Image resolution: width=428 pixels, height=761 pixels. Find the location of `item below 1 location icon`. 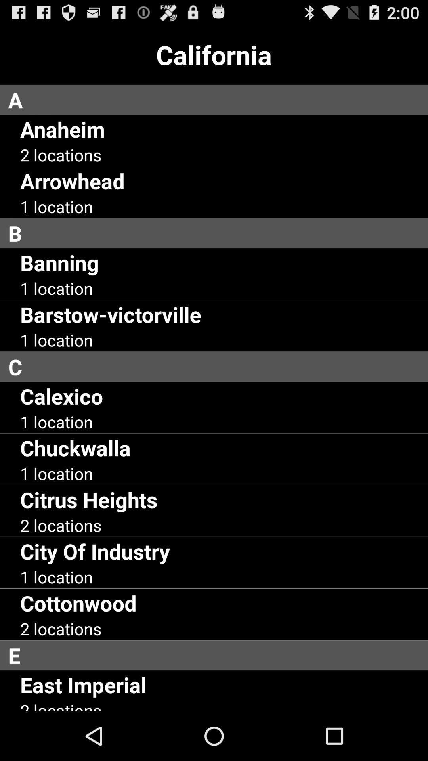

item below 1 location icon is located at coordinates (111, 314).